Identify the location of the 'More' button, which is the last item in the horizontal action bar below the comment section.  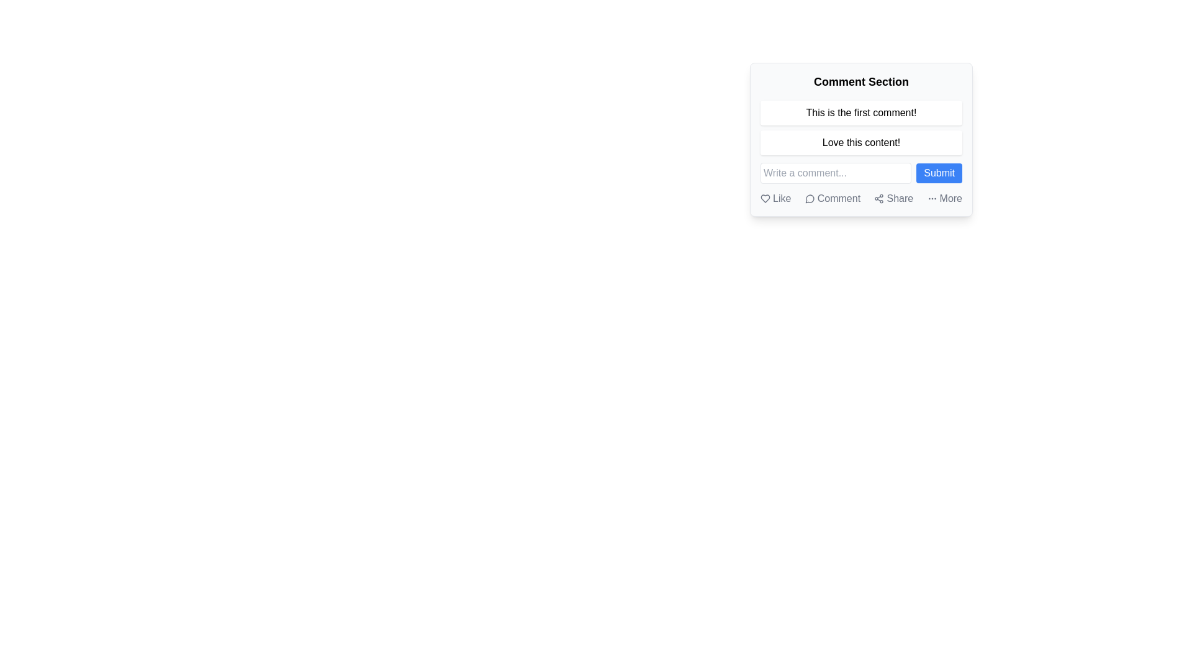
(944, 198).